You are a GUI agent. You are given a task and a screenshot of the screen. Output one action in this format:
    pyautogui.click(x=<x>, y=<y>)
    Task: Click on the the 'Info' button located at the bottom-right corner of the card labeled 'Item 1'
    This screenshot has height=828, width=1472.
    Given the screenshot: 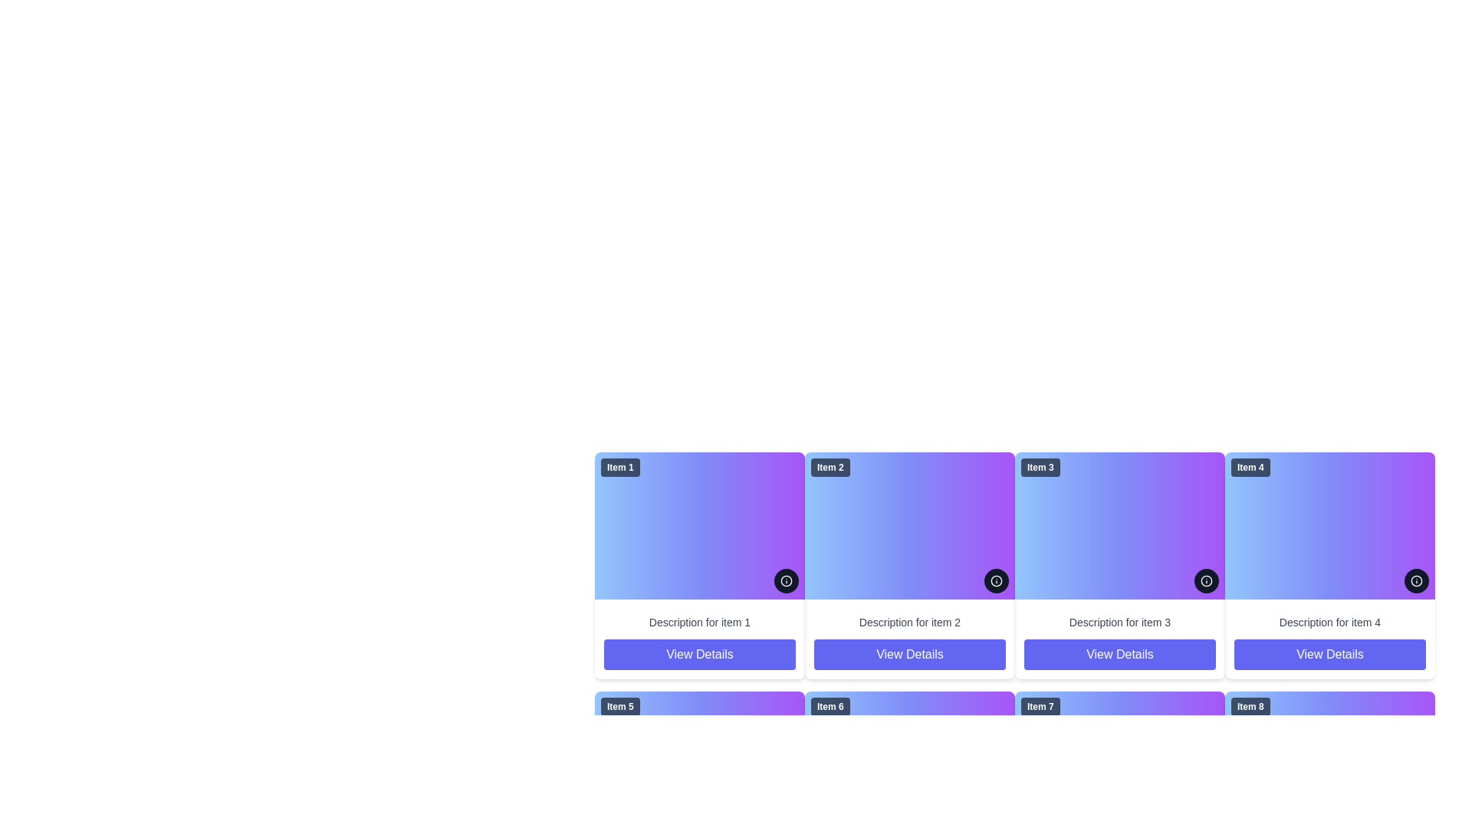 What is the action you would take?
    pyautogui.click(x=787, y=581)
    